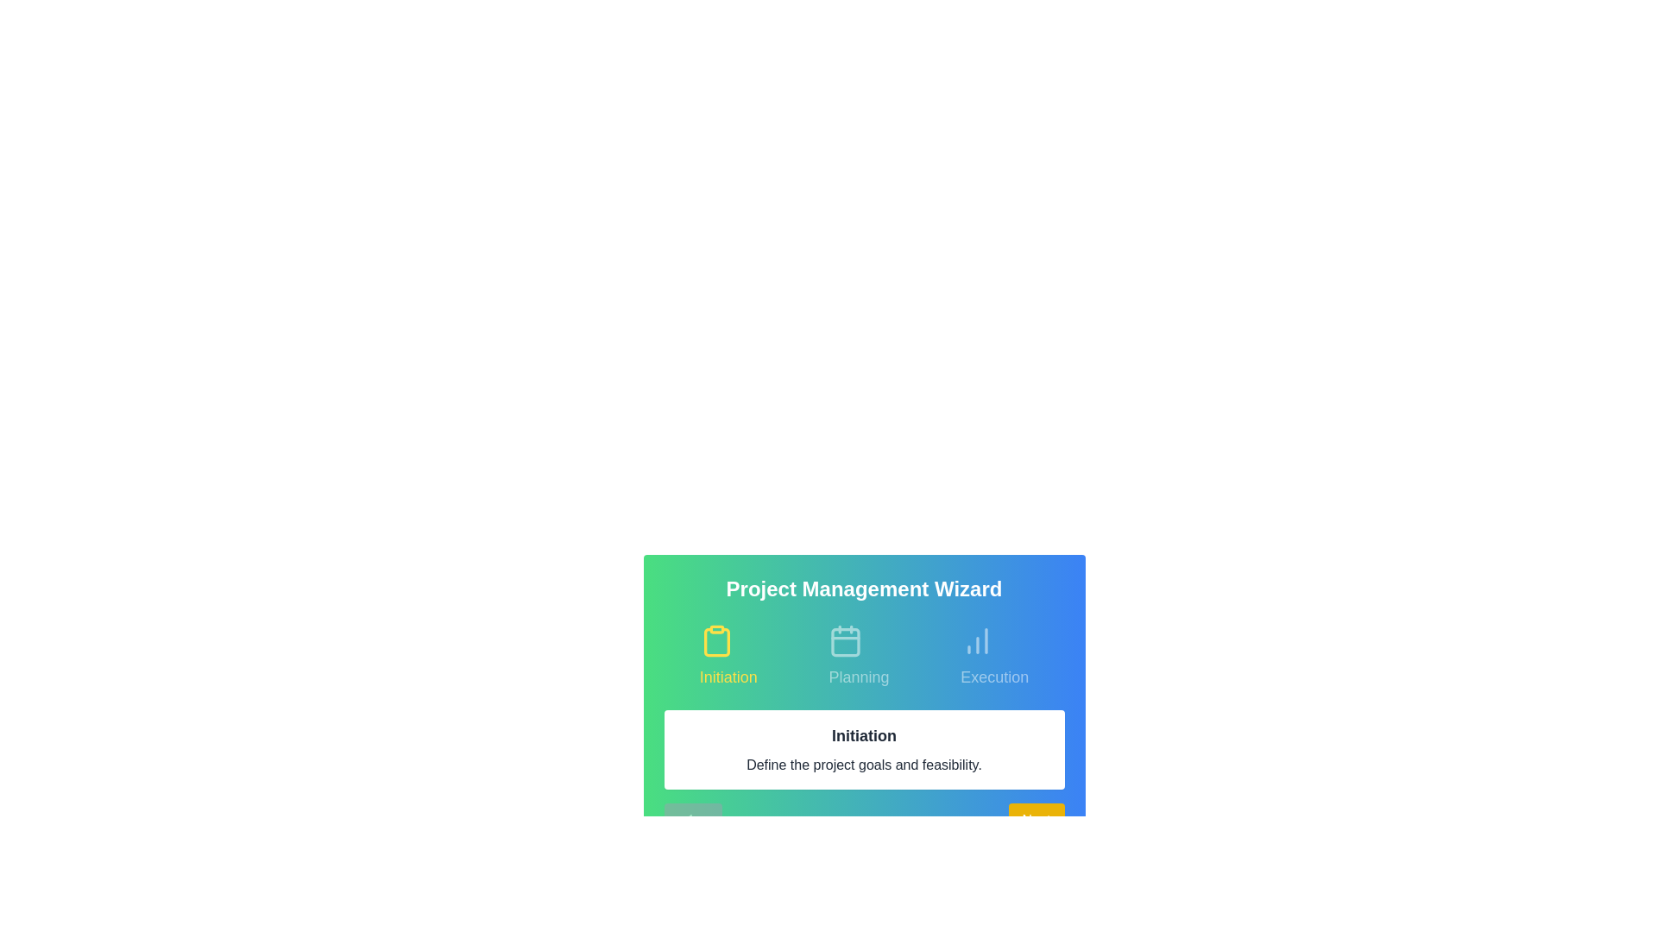 The height and width of the screenshot is (932, 1657). What do you see at coordinates (864, 765) in the screenshot?
I see `the text content 'Define the project goals and feasibility.'` at bounding box center [864, 765].